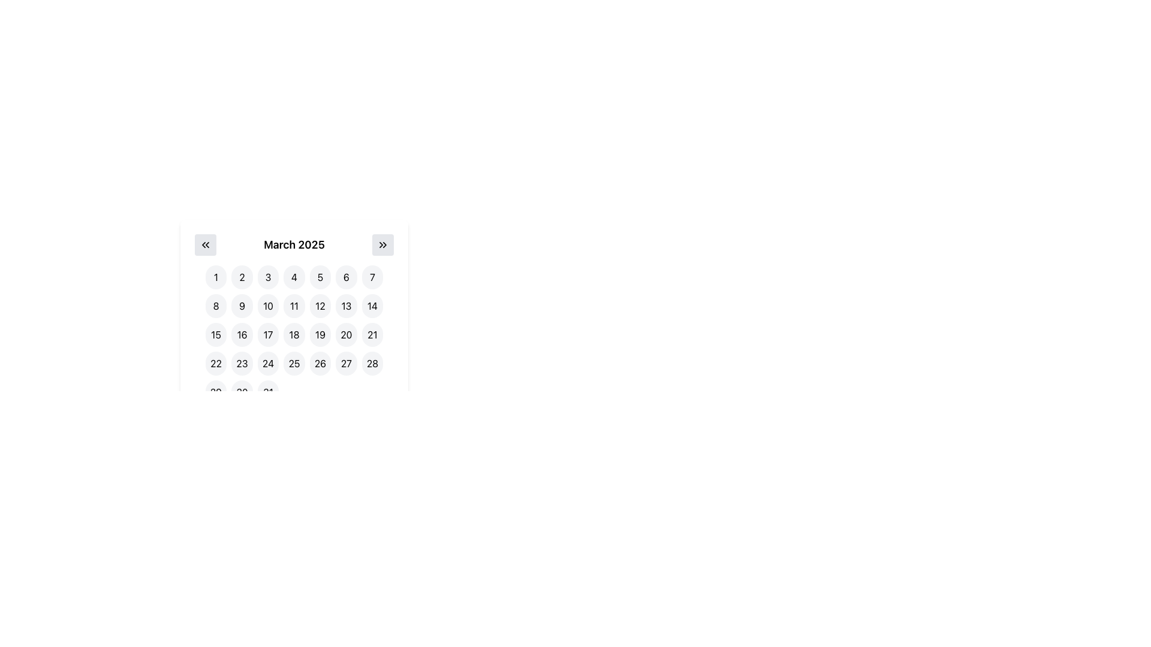 This screenshot has height=647, width=1151. What do you see at coordinates (216, 305) in the screenshot?
I see `the rounded button with a gray background displaying the number '8' in bold black font, located in the second row and first column of the calendar grid for date selection` at bounding box center [216, 305].